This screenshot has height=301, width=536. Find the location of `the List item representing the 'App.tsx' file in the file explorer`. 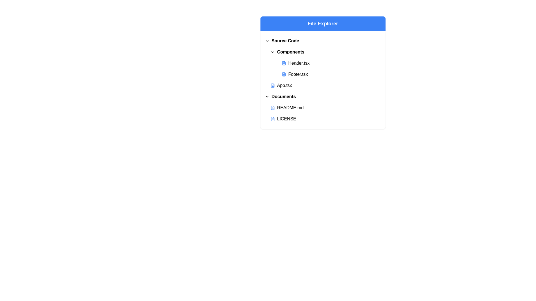

the List item representing the 'App.tsx' file in the file explorer is located at coordinates (326, 86).